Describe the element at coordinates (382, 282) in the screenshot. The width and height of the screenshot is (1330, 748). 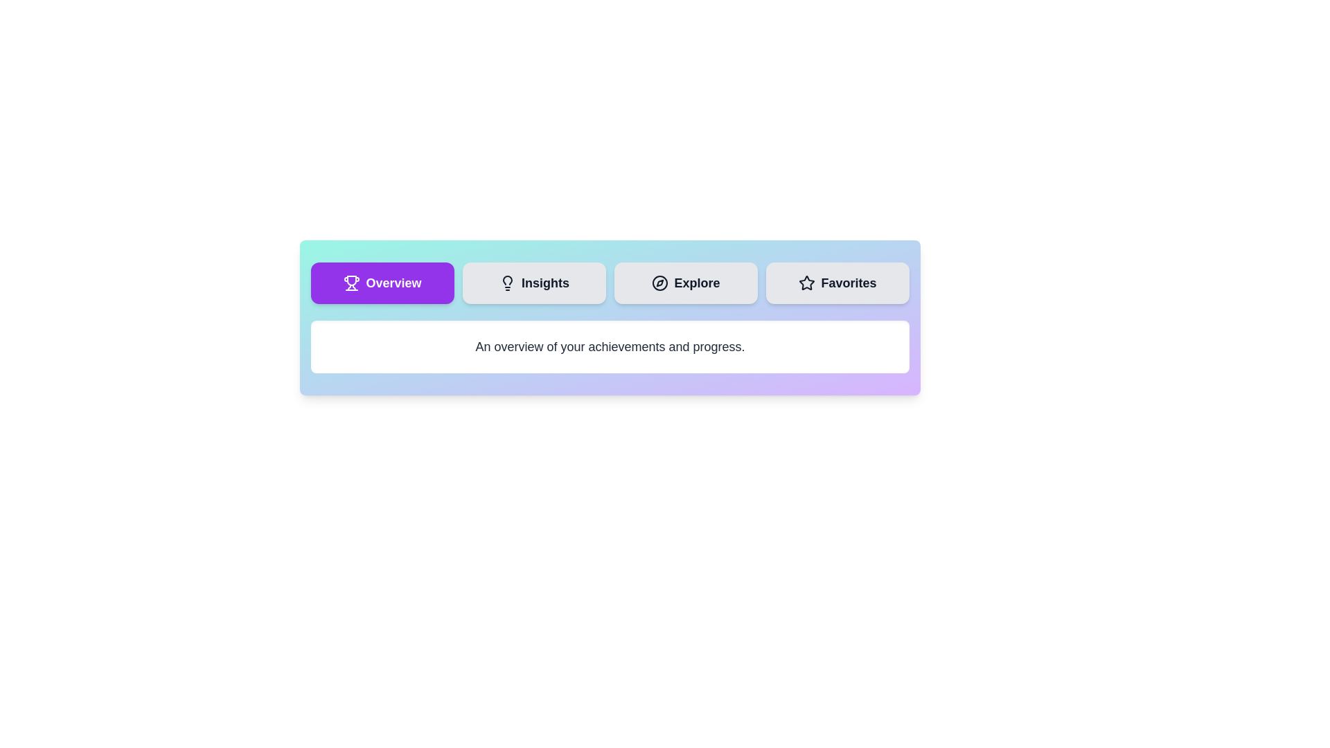
I see `the tab labeled Overview to observe its hover effect` at that location.